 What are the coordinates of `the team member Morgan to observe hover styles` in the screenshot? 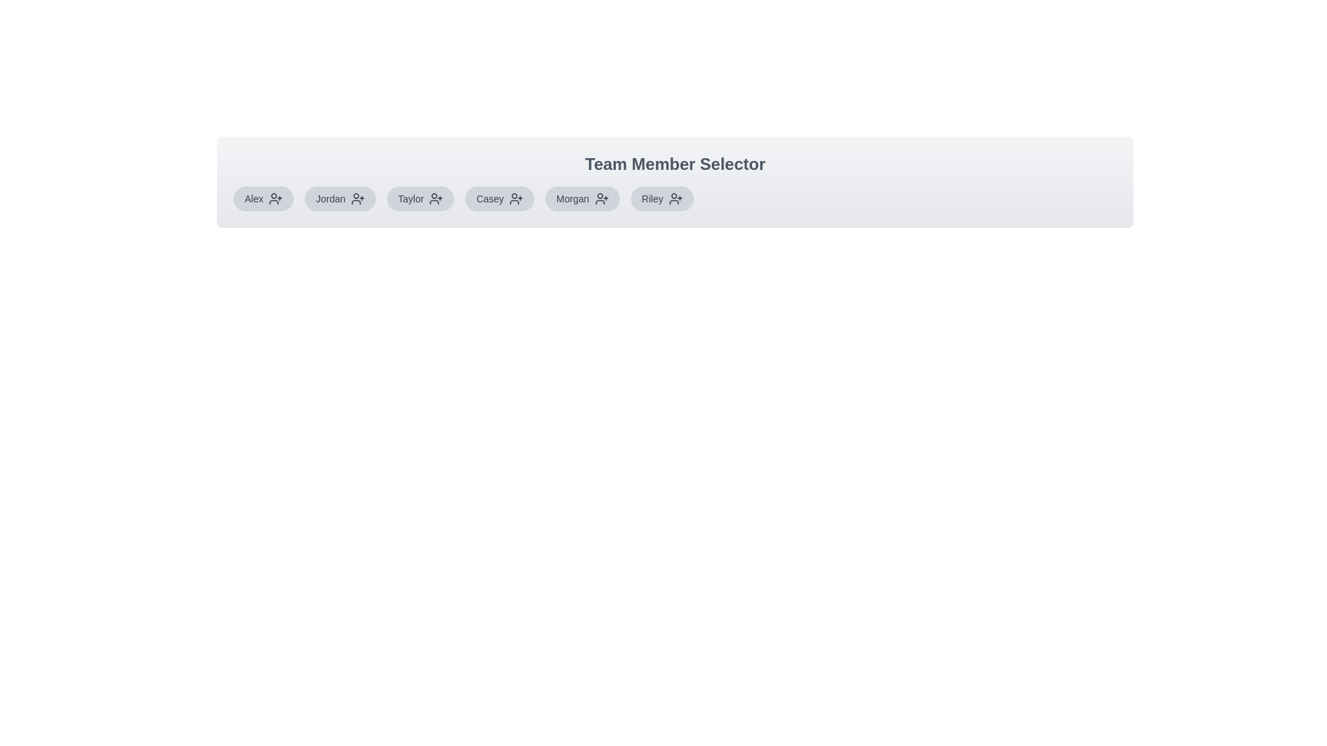 It's located at (581, 199).